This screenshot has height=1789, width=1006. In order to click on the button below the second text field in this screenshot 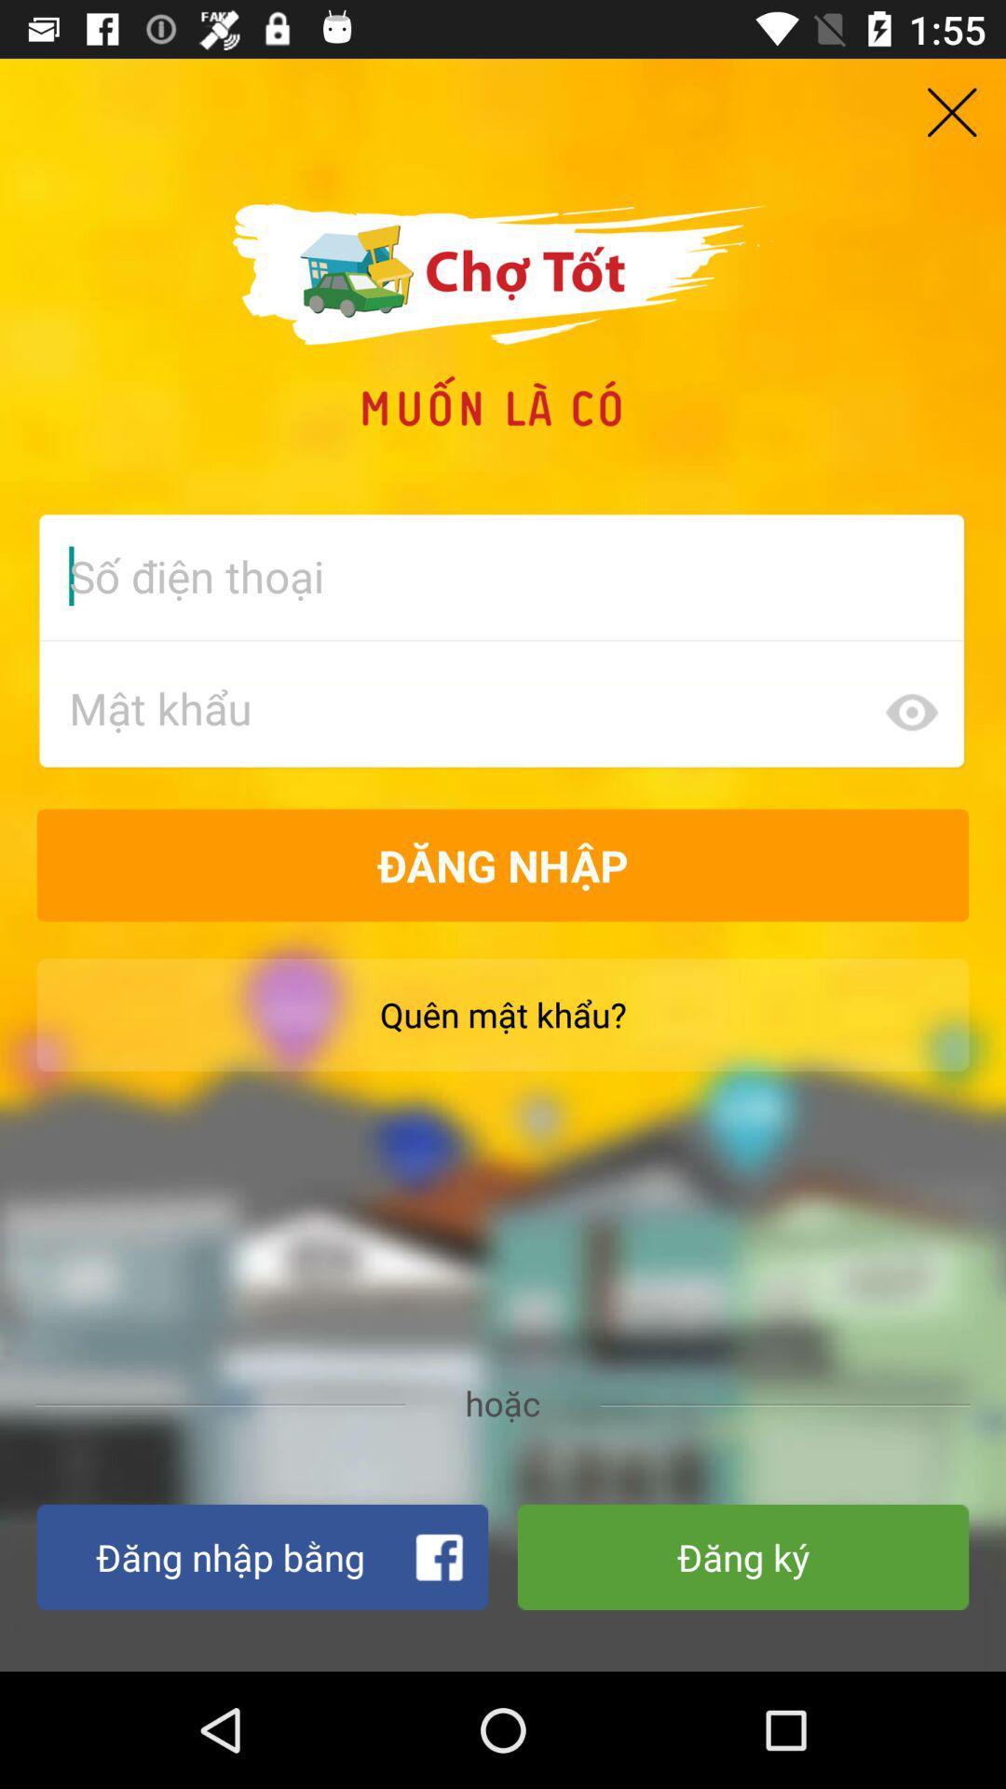, I will do `click(503, 865)`.